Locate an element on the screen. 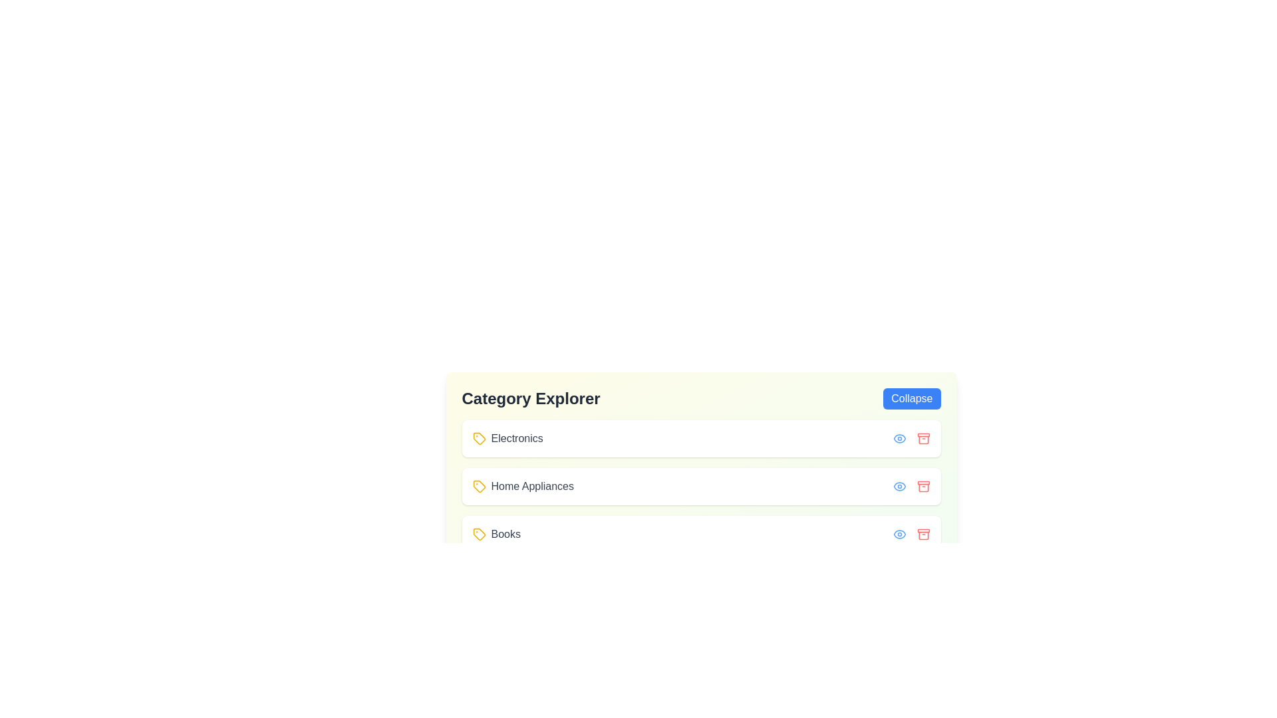 The height and width of the screenshot is (718, 1277). the blue hollow eye-shaped icon located on the right side of the 'Home Appliances' list item in the 'Category Explorer' section is located at coordinates (899, 487).